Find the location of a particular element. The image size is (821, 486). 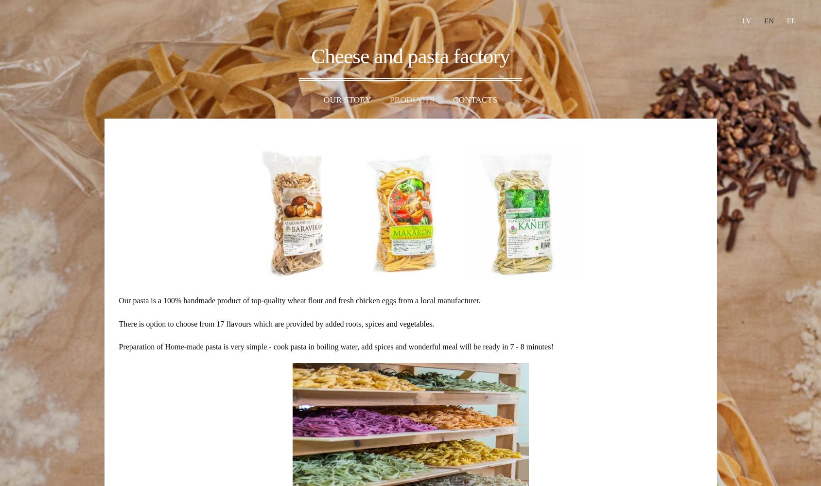

'Cheese and pasta factory' is located at coordinates (310, 55).